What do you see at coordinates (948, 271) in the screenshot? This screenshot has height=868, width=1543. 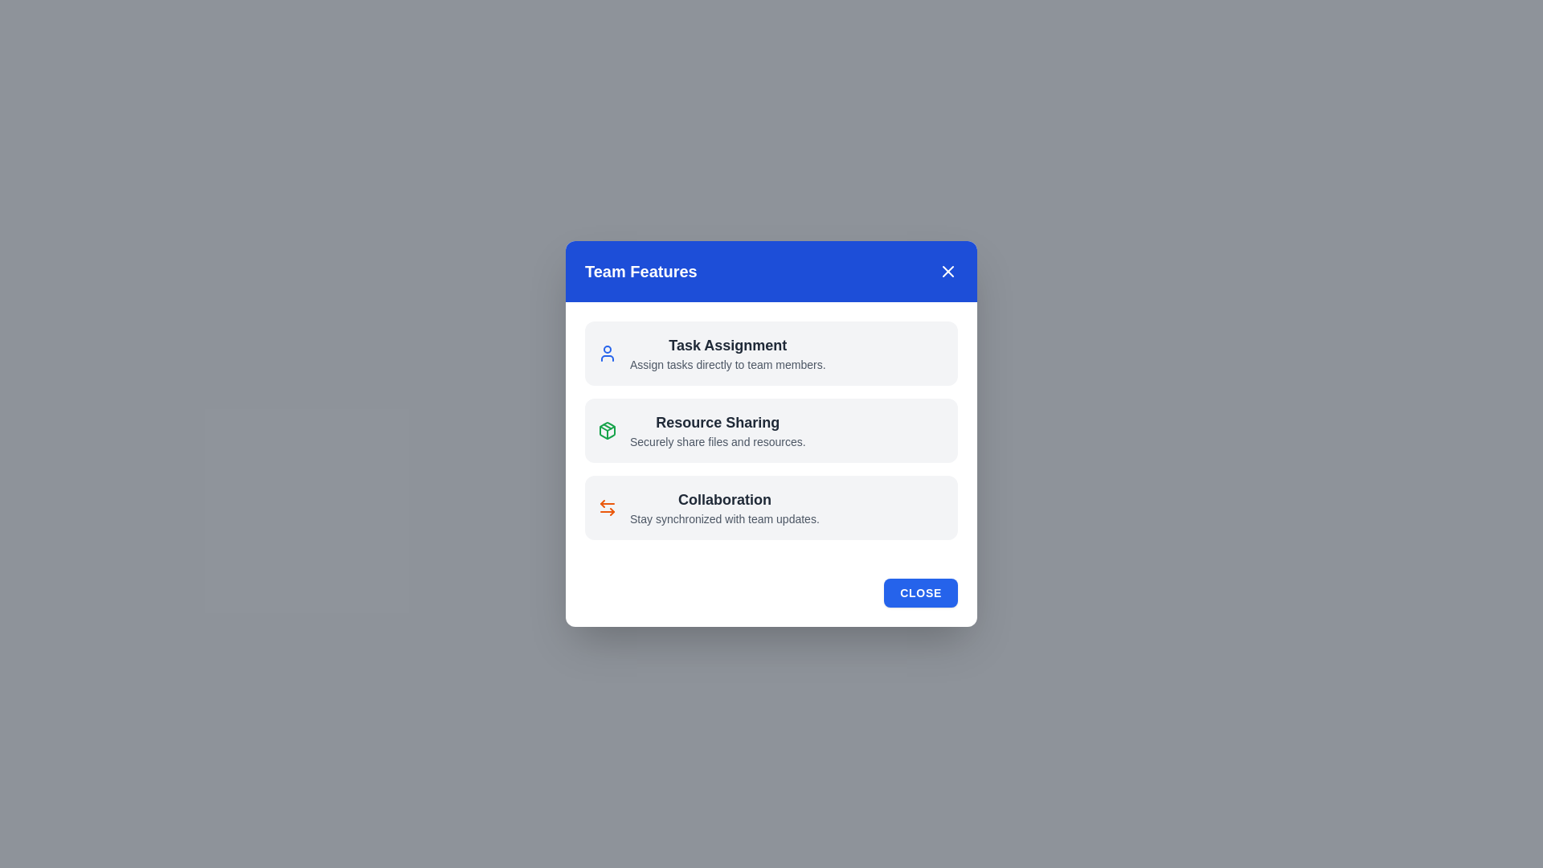 I see `the close button to dismiss the dialog` at bounding box center [948, 271].